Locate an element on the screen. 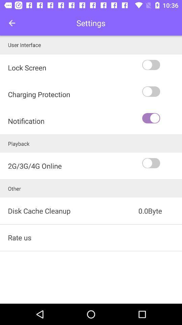 Image resolution: width=182 pixels, height=325 pixels. icon to the right of charging protection icon is located at coordinates (161, 118).